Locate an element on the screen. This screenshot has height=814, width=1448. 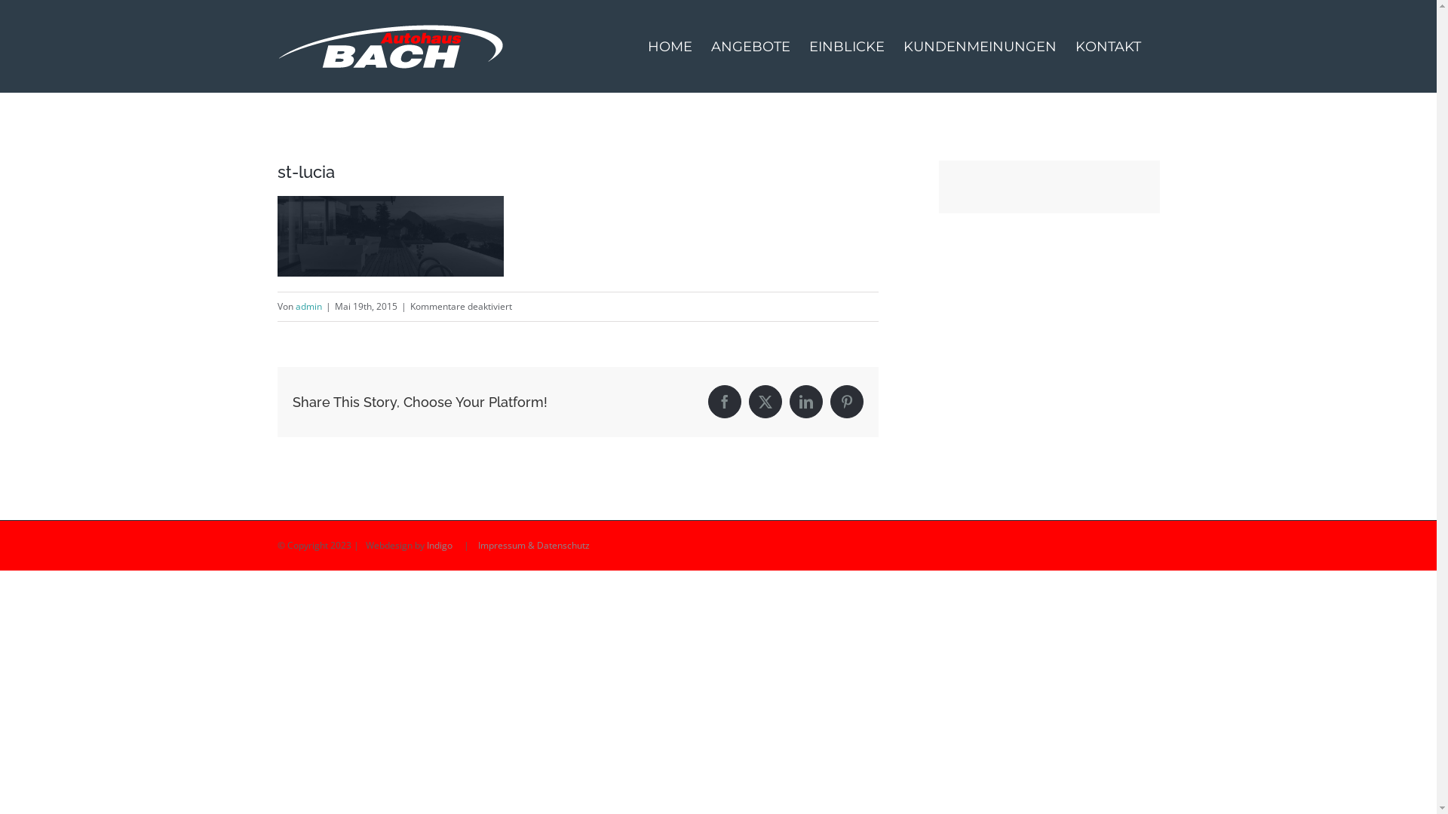
'Pinterest' is located at coordinates (847, 400).